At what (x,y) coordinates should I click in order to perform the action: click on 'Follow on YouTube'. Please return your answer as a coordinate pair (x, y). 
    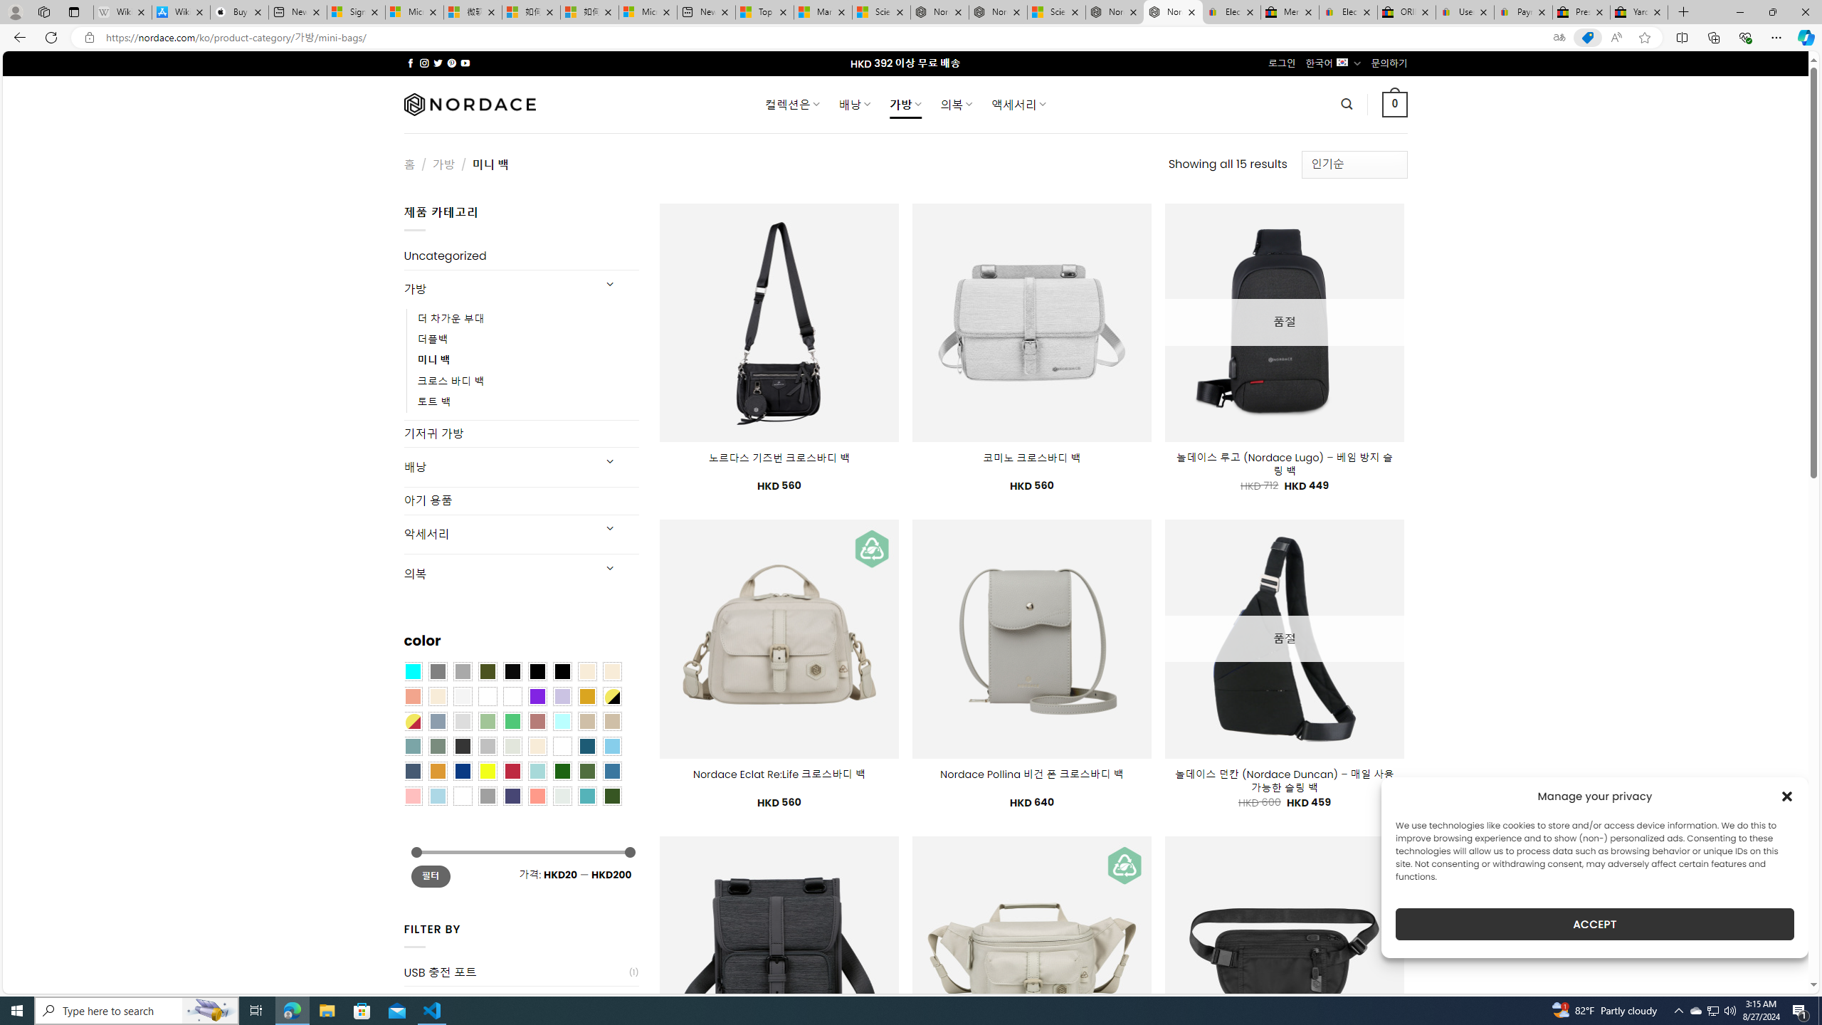
    Looking at the image, I should click on (465, 63).